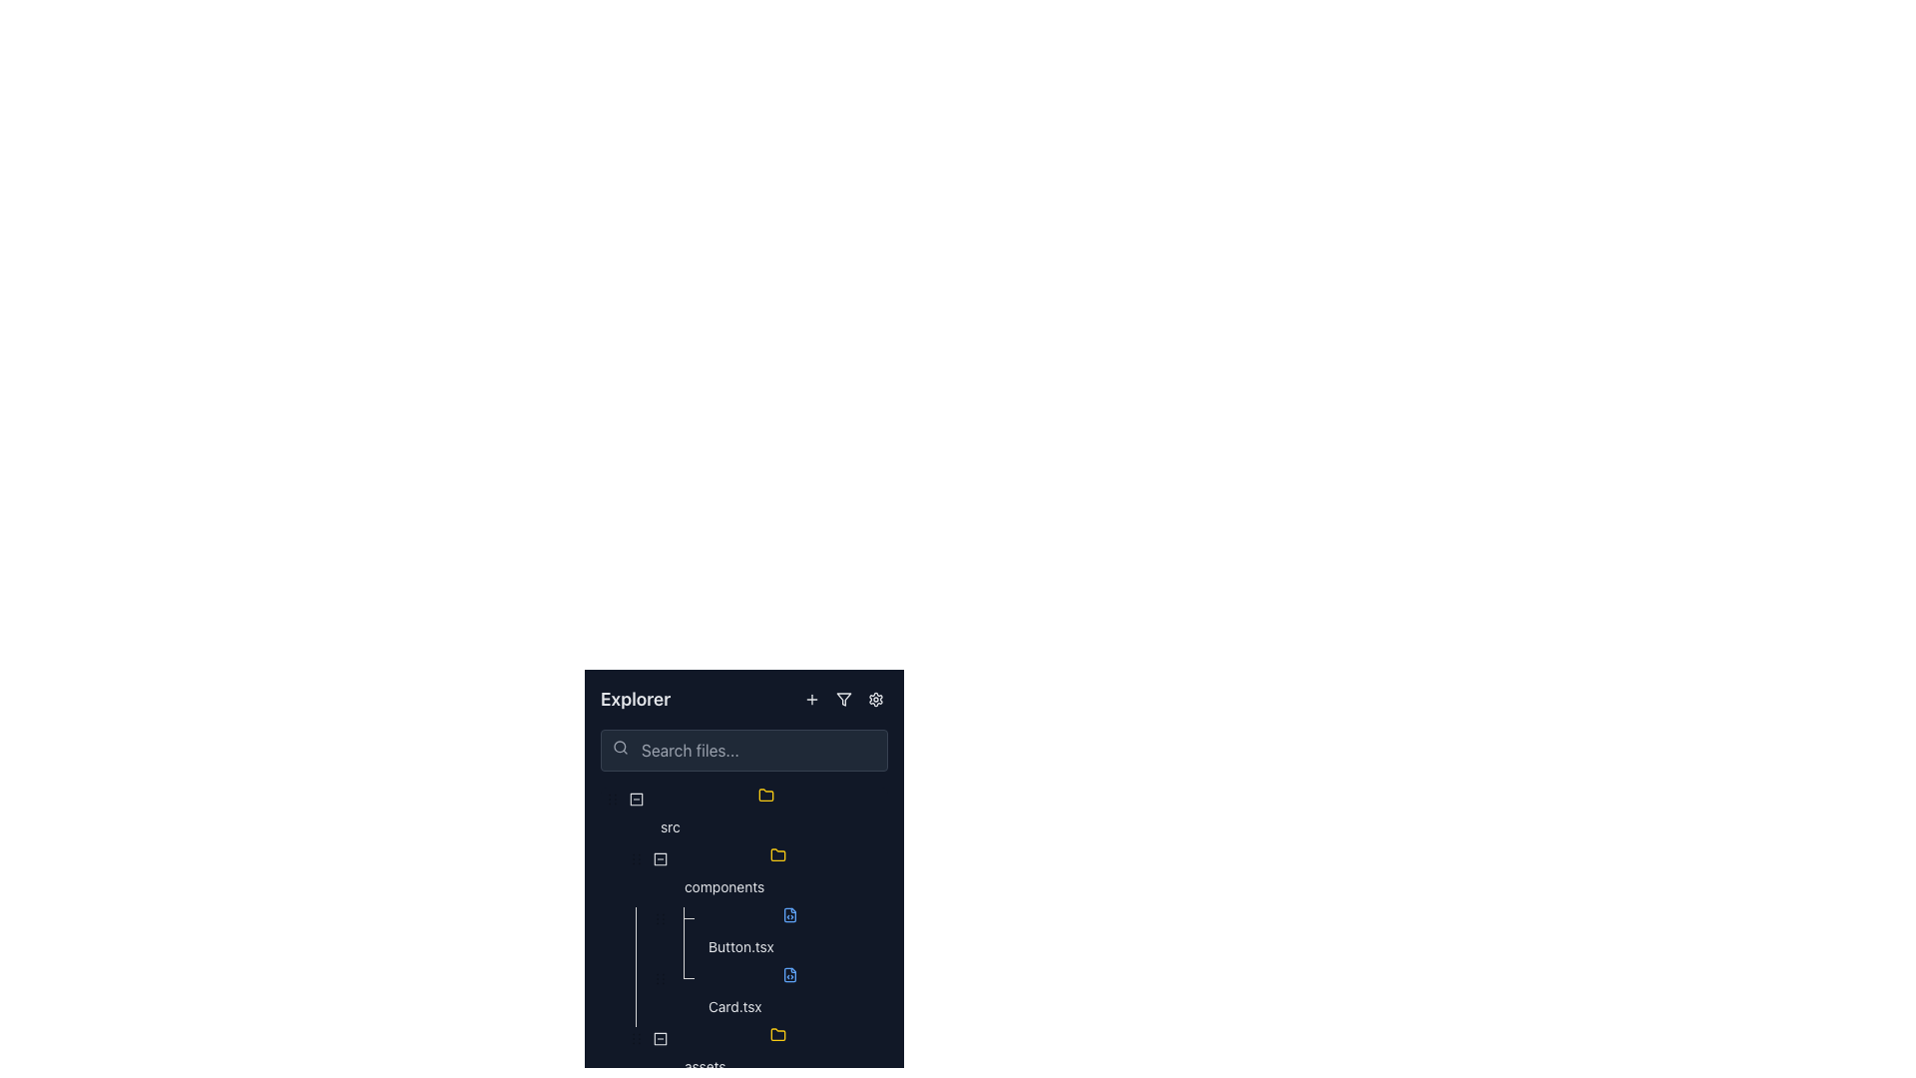 The width and height of the screenshot is (1916, 1078). I want to click on the Toggle button for hierarchical structures, which is represented as a small square icon with a minus symbol, located beside the text label 'src', so click(636, 815).